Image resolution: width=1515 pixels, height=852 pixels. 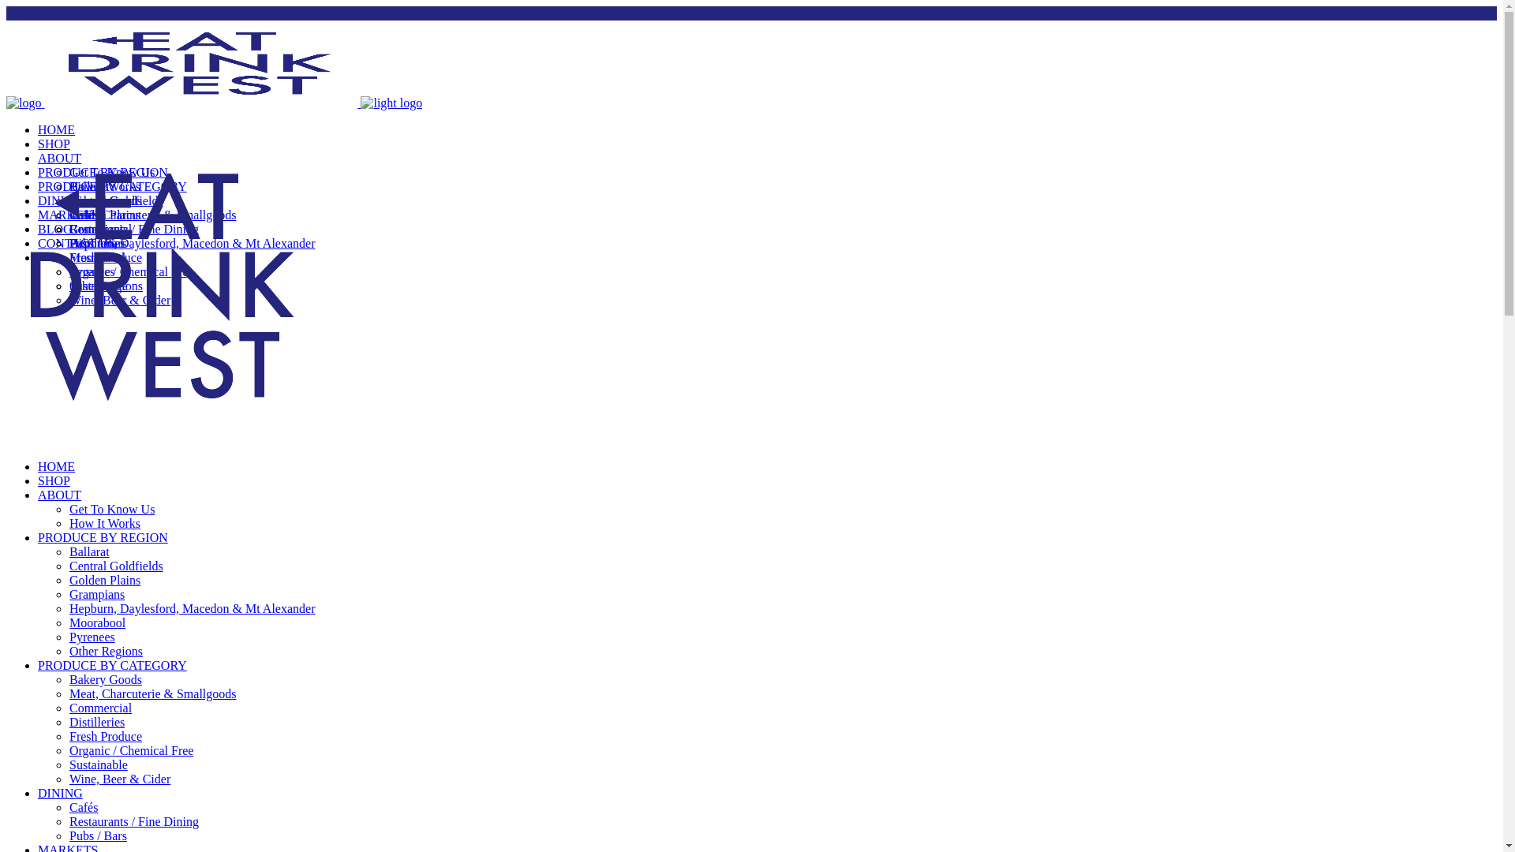 I want to click on 'Bakery Goods', so click(x=105, y=678).